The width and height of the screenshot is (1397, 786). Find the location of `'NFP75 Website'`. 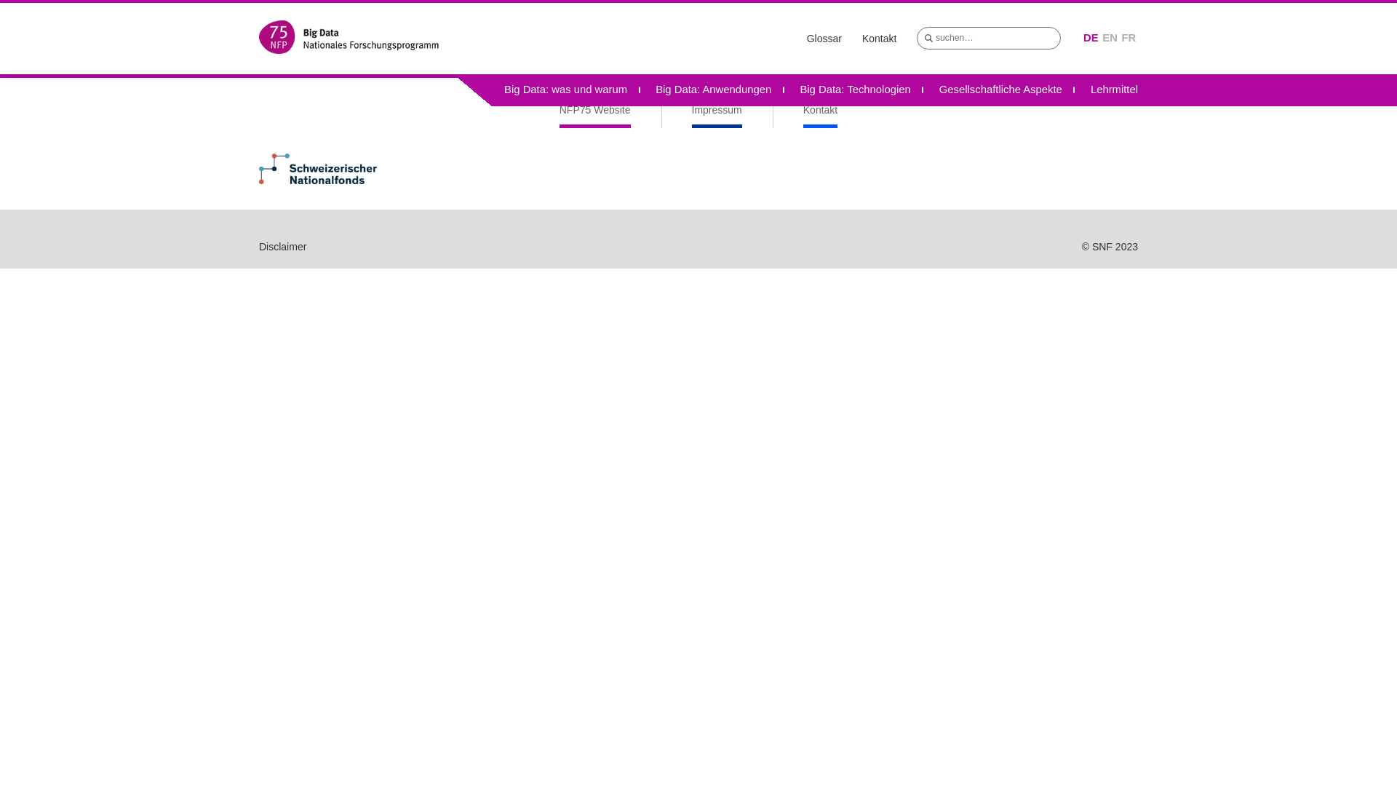

'NFP75 Website' is located at coordinates (558, 114).